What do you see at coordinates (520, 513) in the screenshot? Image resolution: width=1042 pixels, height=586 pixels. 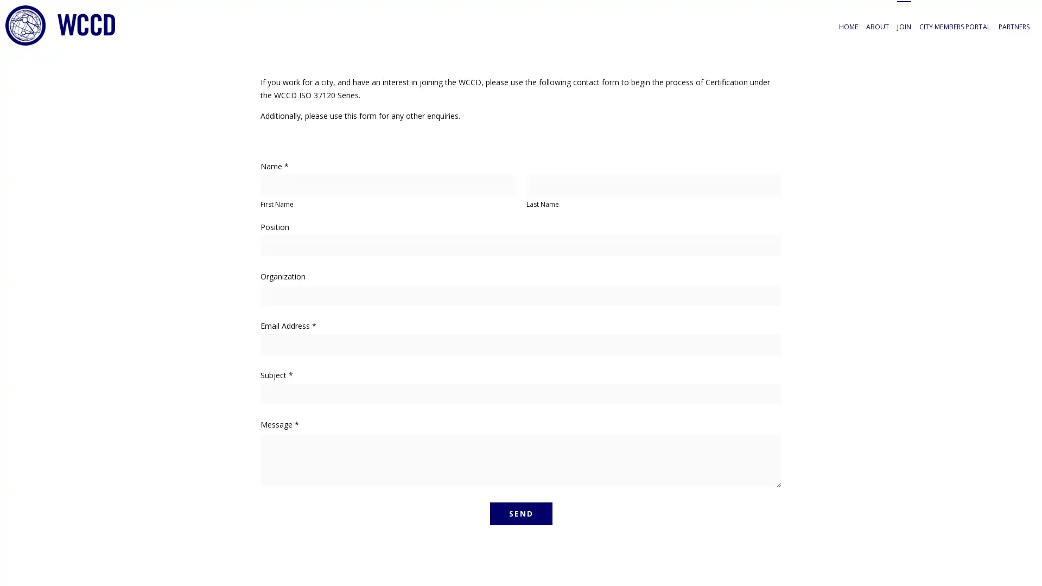 I see `SEND` at bounding box center [520, 513].